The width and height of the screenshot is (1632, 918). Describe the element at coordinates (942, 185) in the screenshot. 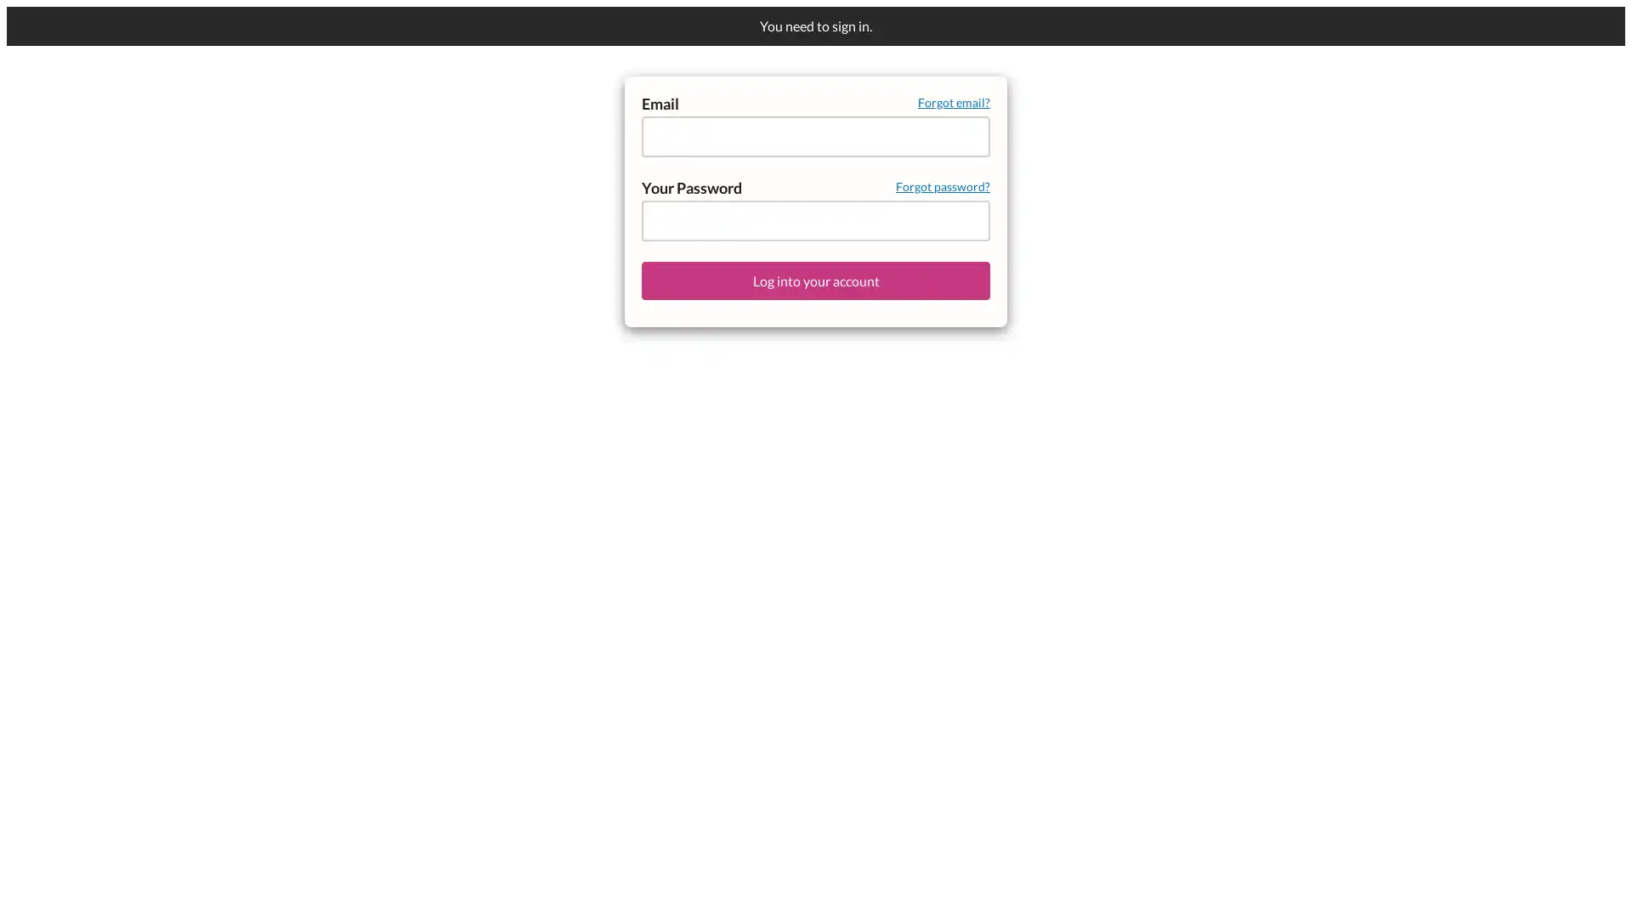

I see `Forgot password?` at that location.